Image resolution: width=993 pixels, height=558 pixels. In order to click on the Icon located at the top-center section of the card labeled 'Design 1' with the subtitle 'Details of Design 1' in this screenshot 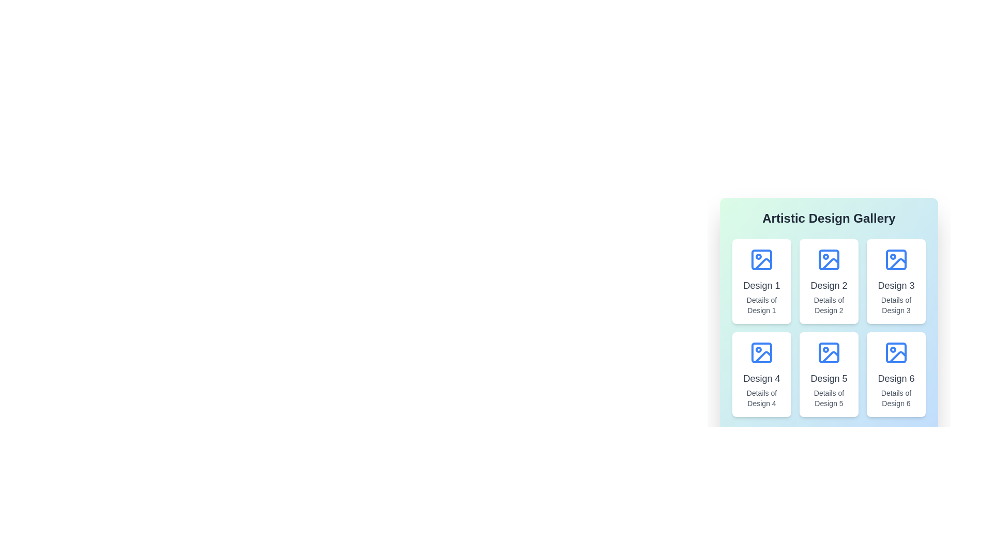, I will do `click(762, 259)`.